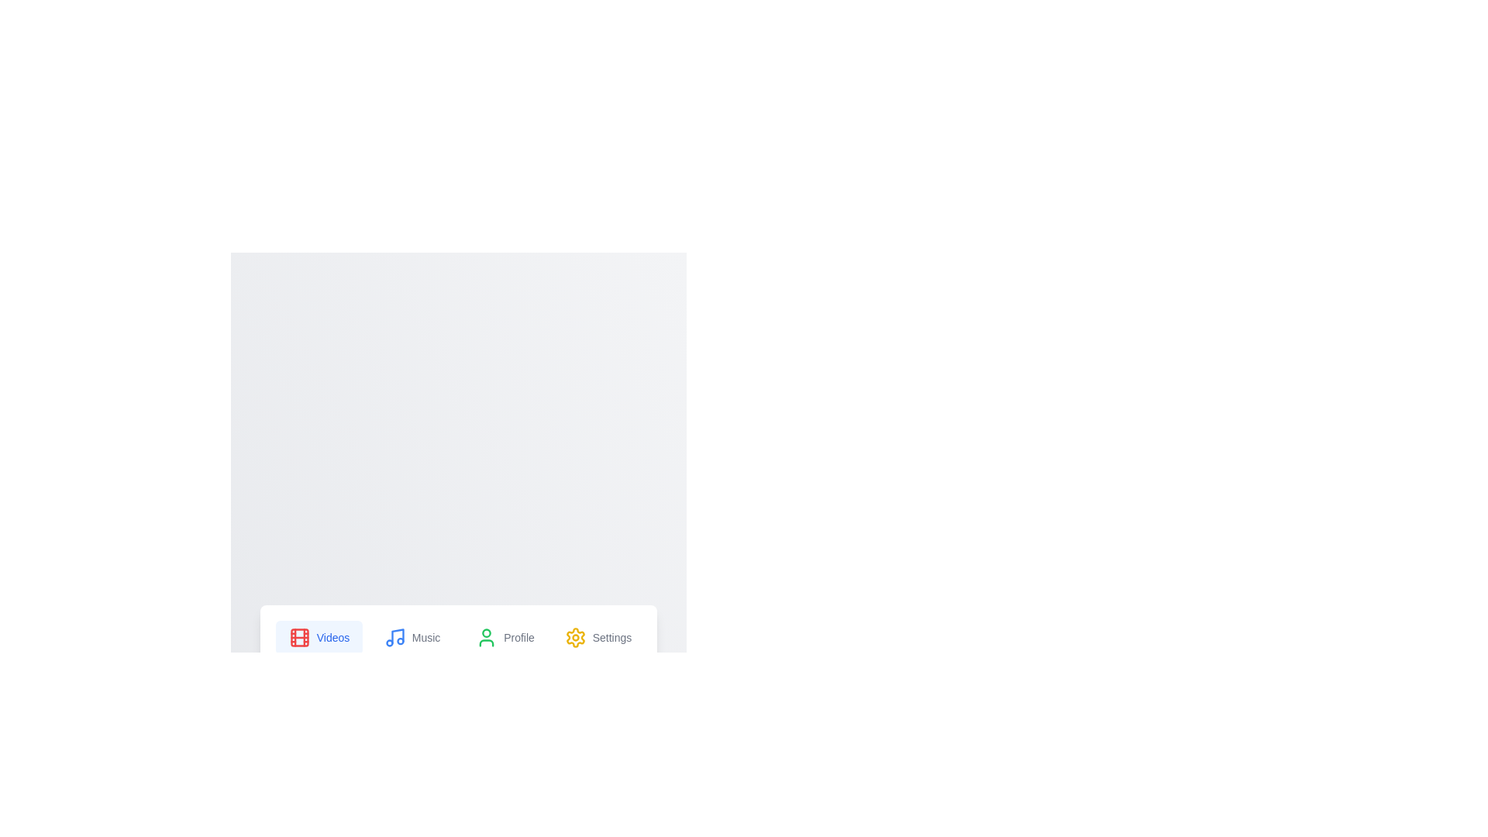 This screenshot has width=1488, height=837. I want to click on the Videos tab to switch its content, so click(319, 637).